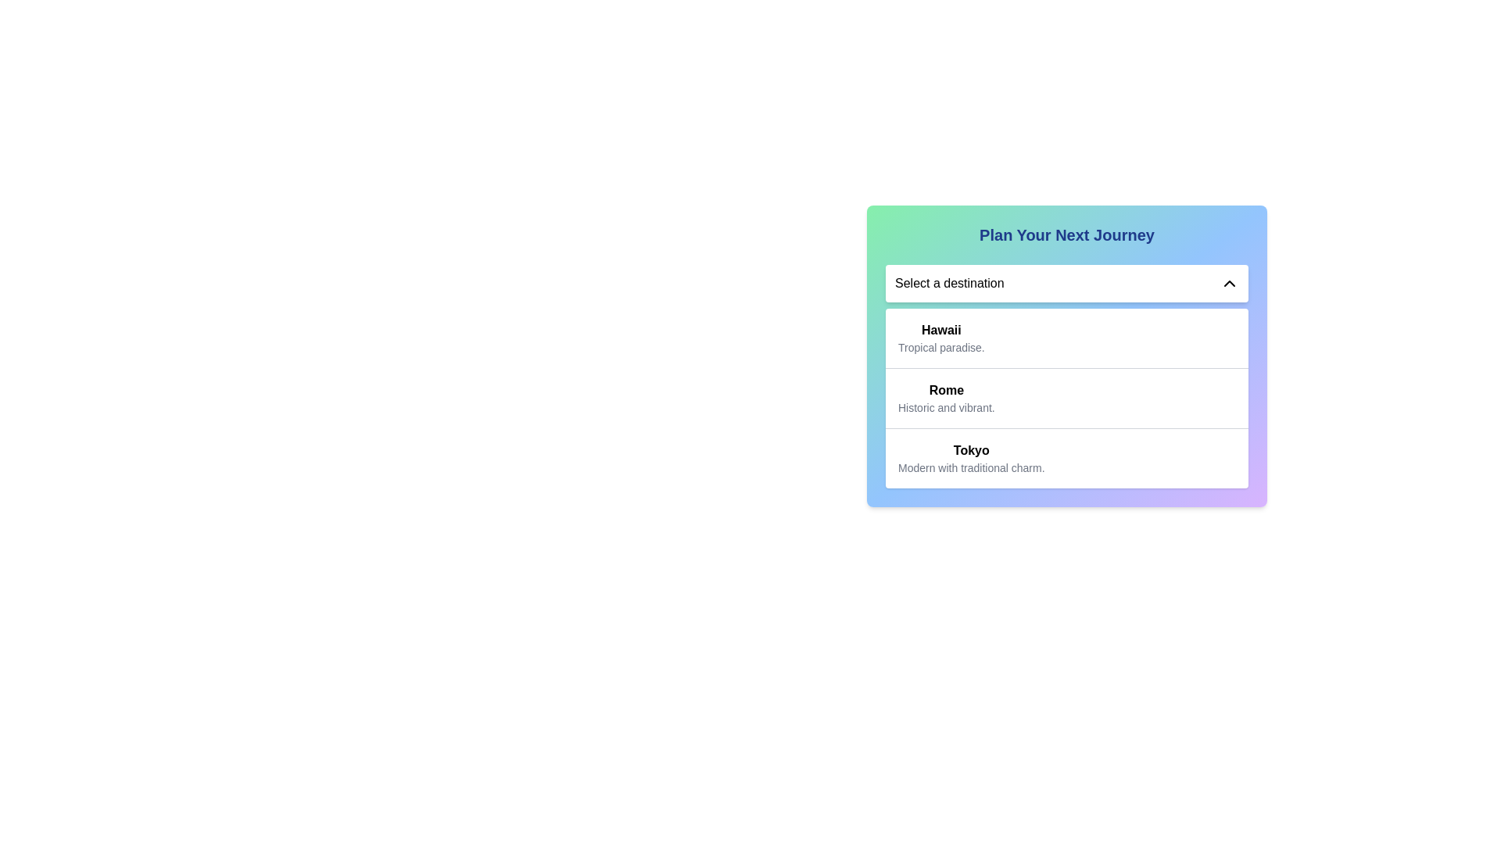  Describe the element at coordinates (940, 346) in the screenshot. I see `the static text label providing supplementary information about 'Hawaii' located under the dropdown interface titled 'Plan Your Next Journey.'` at that location.